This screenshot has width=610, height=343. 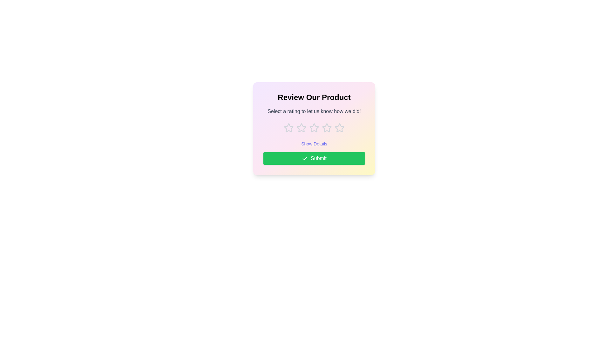 What do you see at coordinates (339, 128) in the screenshot?
I see `the rating to 5 stars by clicking on the corresponding star` at bounding box center [339, 128].